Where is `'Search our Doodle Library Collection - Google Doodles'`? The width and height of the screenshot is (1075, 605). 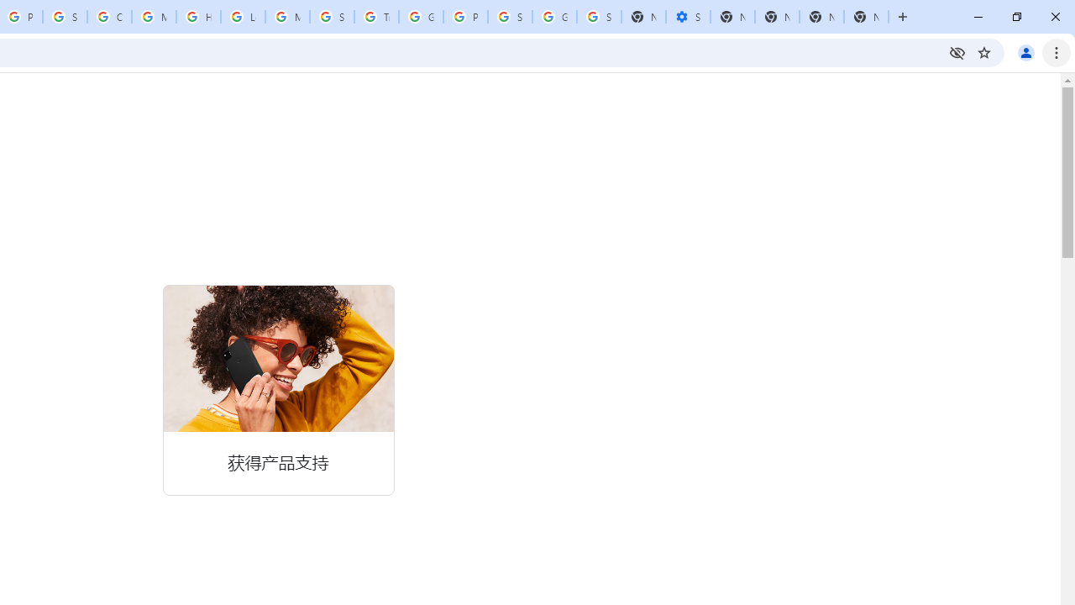
'Search our Doodle Library Collection - Google Doodles' is located at coordinates (332, 17).